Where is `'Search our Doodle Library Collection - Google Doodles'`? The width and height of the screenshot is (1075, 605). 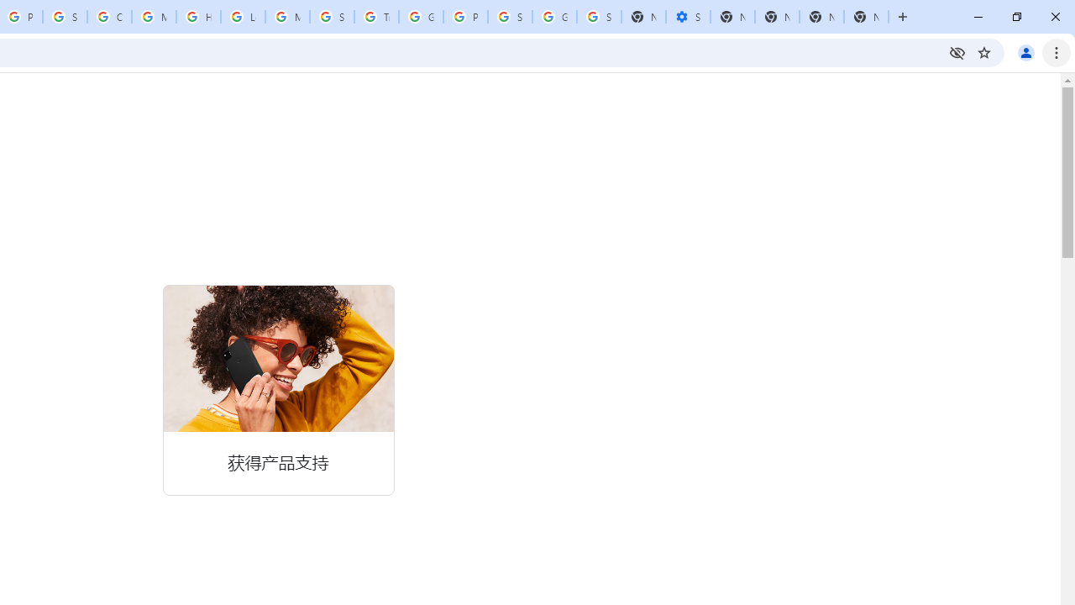
'Search our Doodle Library Collection - Google Doodles' is located at coordinates (332, 17).